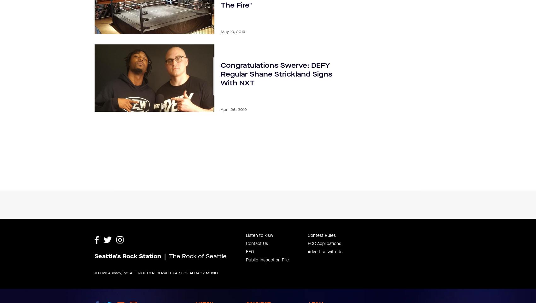  Describe the element at coordinates (256, 228) in the screenshot. I see `'Contact Us'` at that location.